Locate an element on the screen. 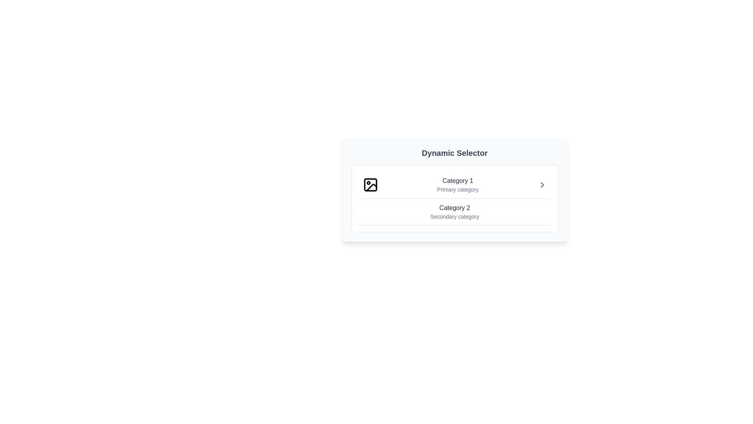 The height and width of the screenshot is (424, 753). the first row of the interactive list item with an icon and text details is located at coordinates (455, 185).